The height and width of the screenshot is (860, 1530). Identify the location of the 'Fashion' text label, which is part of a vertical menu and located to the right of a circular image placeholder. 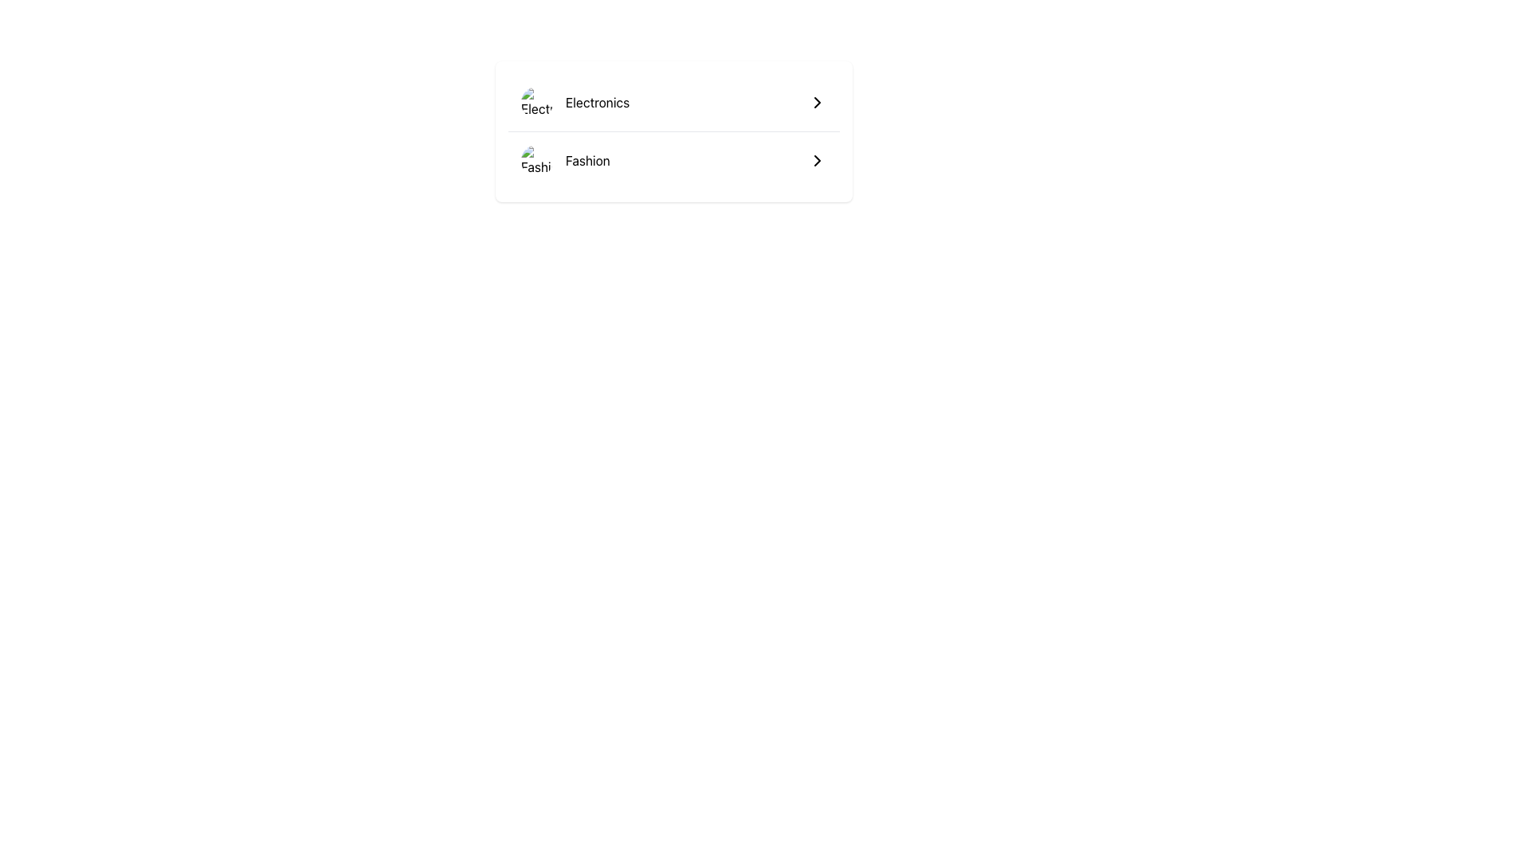
(565, 160).